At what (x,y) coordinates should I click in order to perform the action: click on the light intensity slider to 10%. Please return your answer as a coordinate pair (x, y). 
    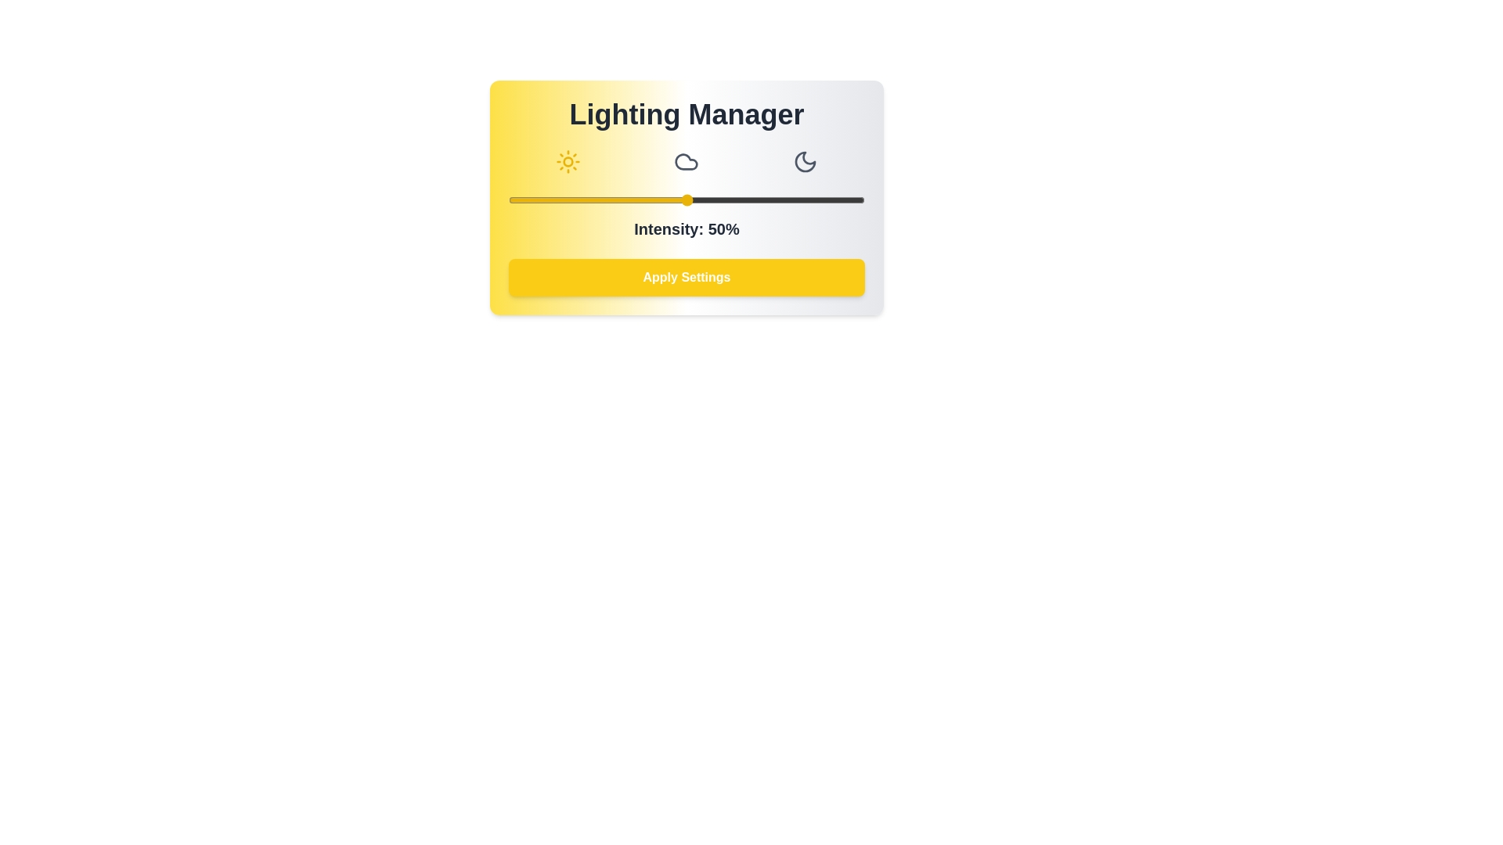
    Looking at the image, I should click on (544, 199).